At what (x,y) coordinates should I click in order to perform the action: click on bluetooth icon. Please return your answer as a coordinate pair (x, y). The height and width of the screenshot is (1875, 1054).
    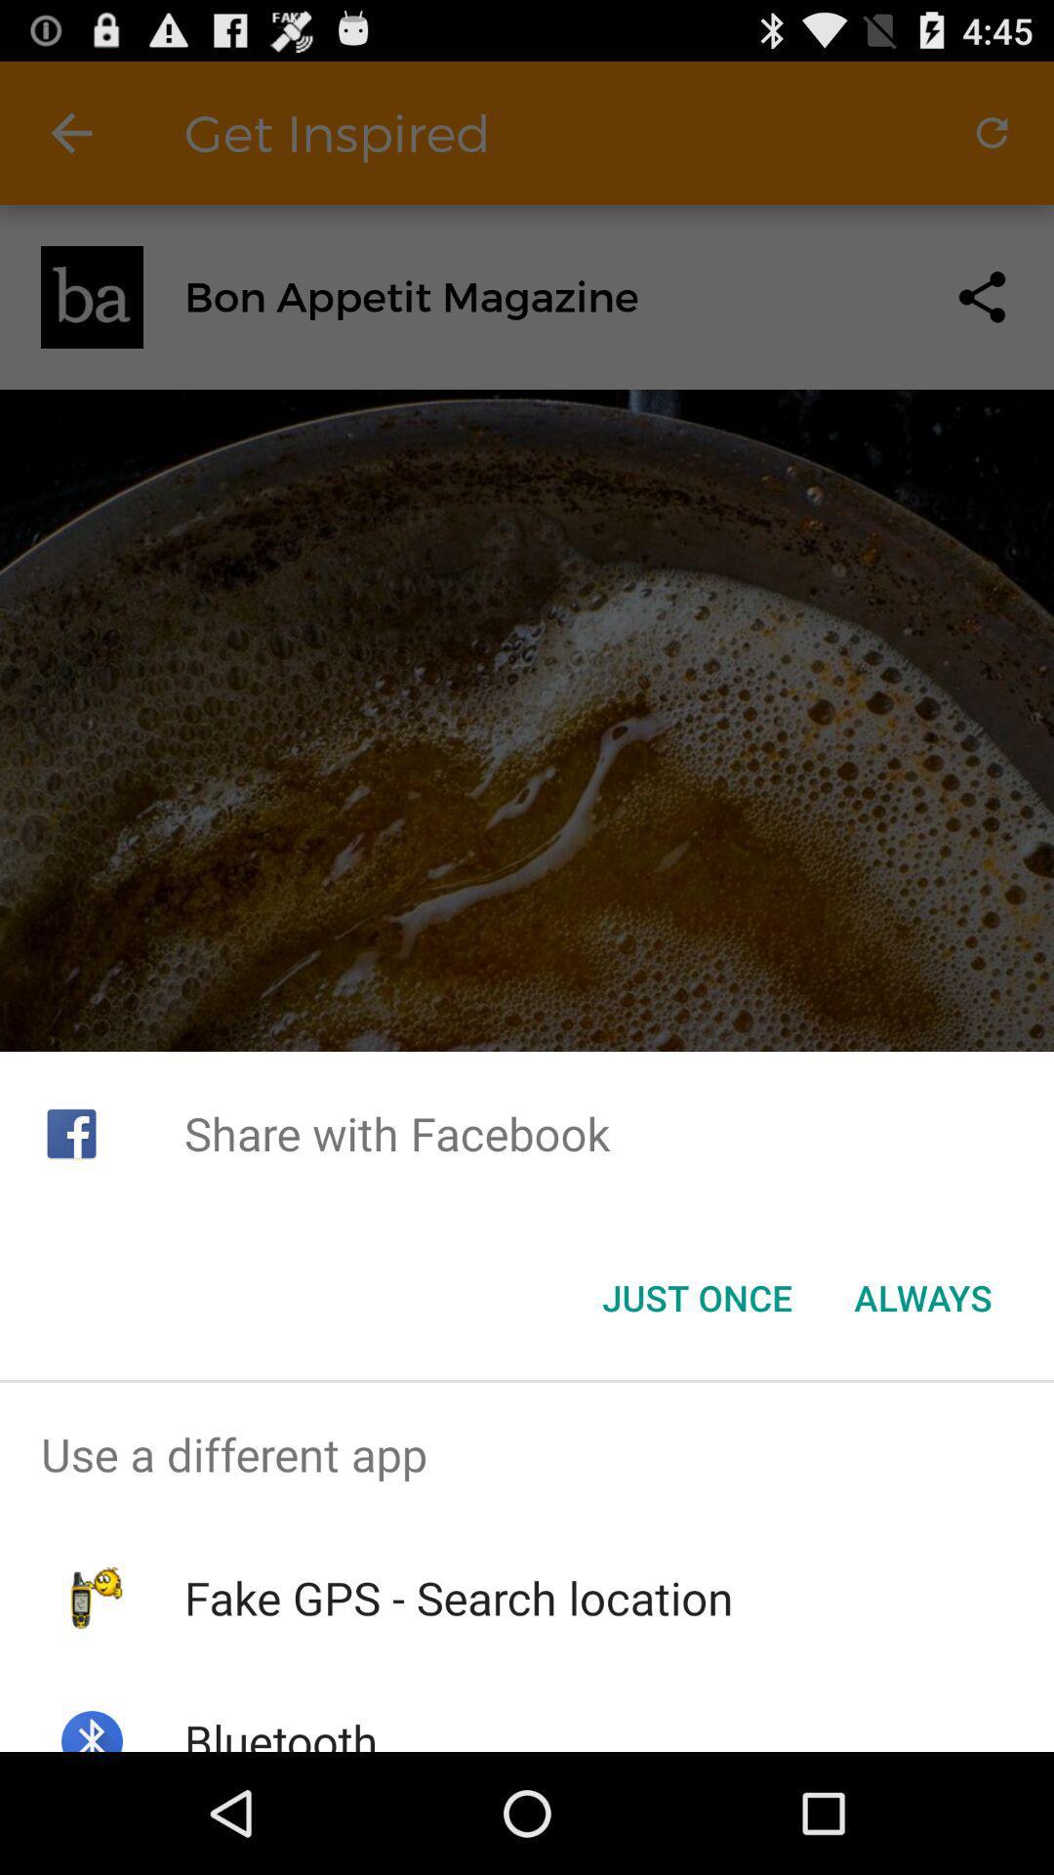
    Looking at the image, I should click on (281, 1730).